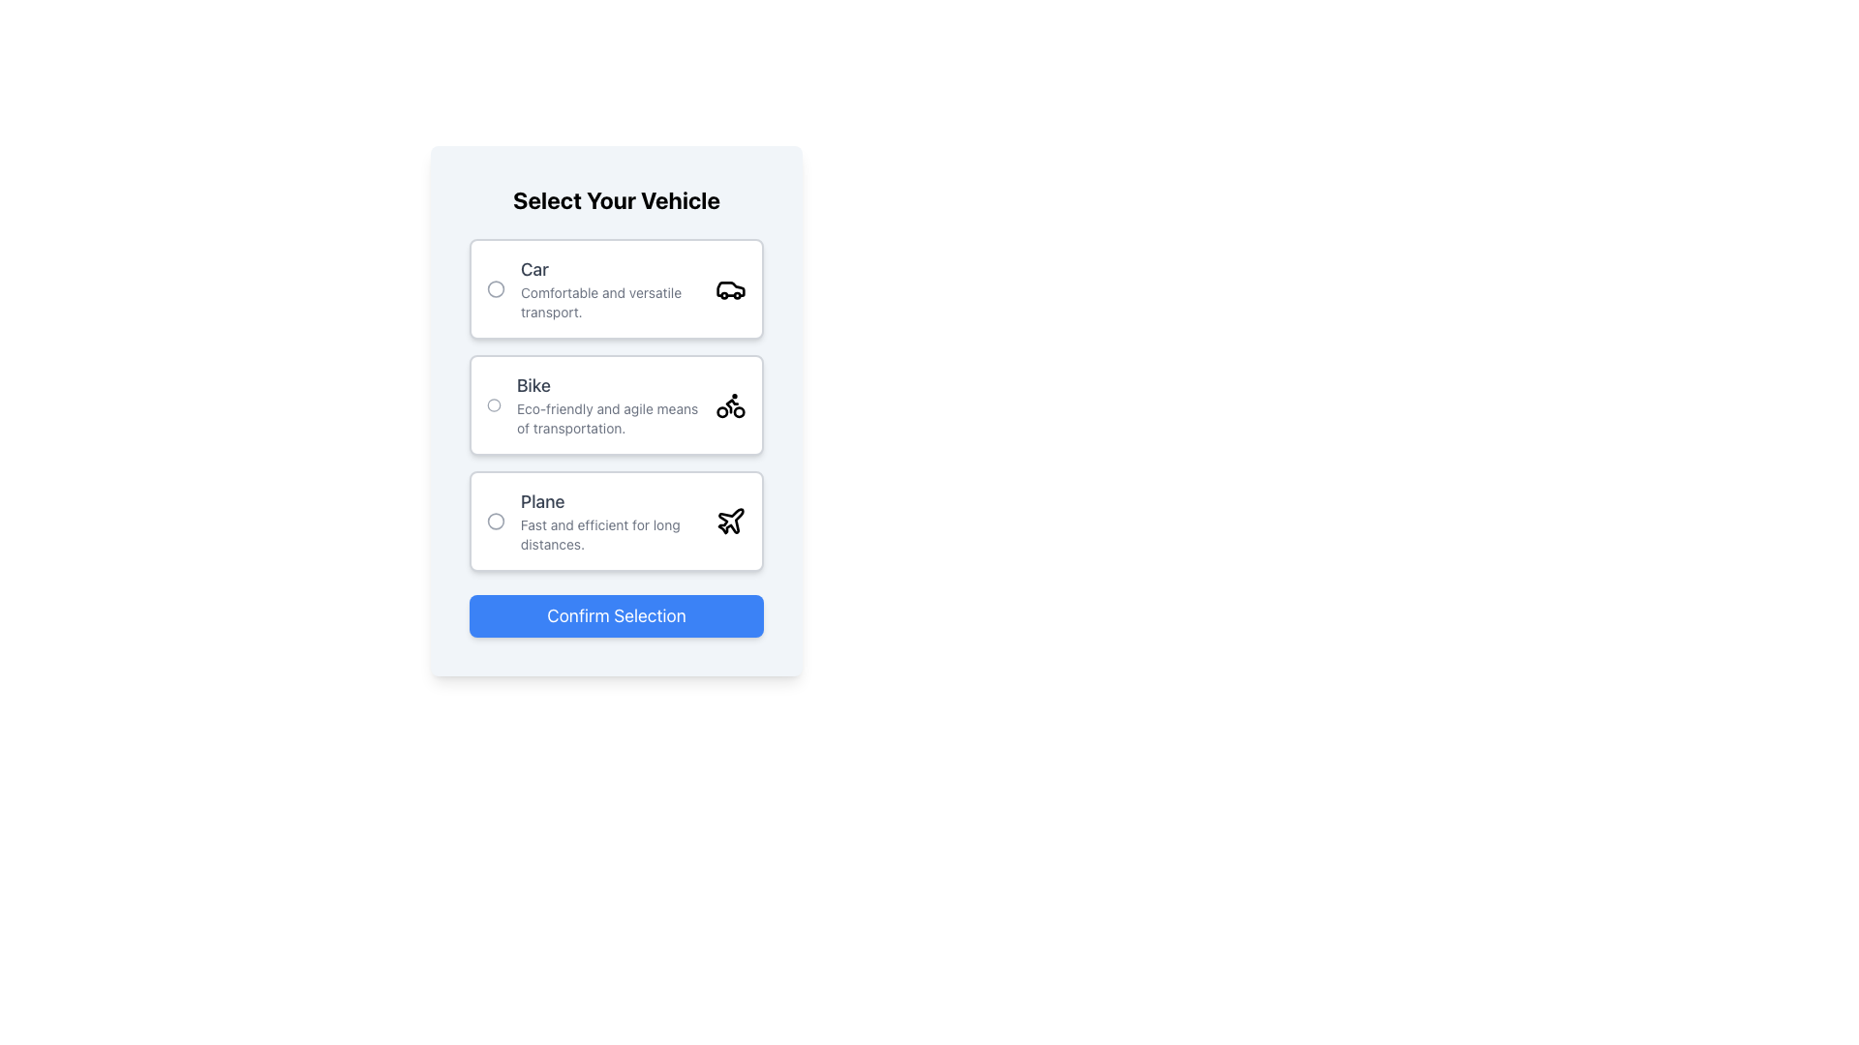 This screenshot has height=1045, width=1859. What do you see at coordinates (616, 404) in the screenshot?
I see `the 'Bike' selectable card located in the 'Select Your Vehicle' panel` at bounding box center [616, 404].